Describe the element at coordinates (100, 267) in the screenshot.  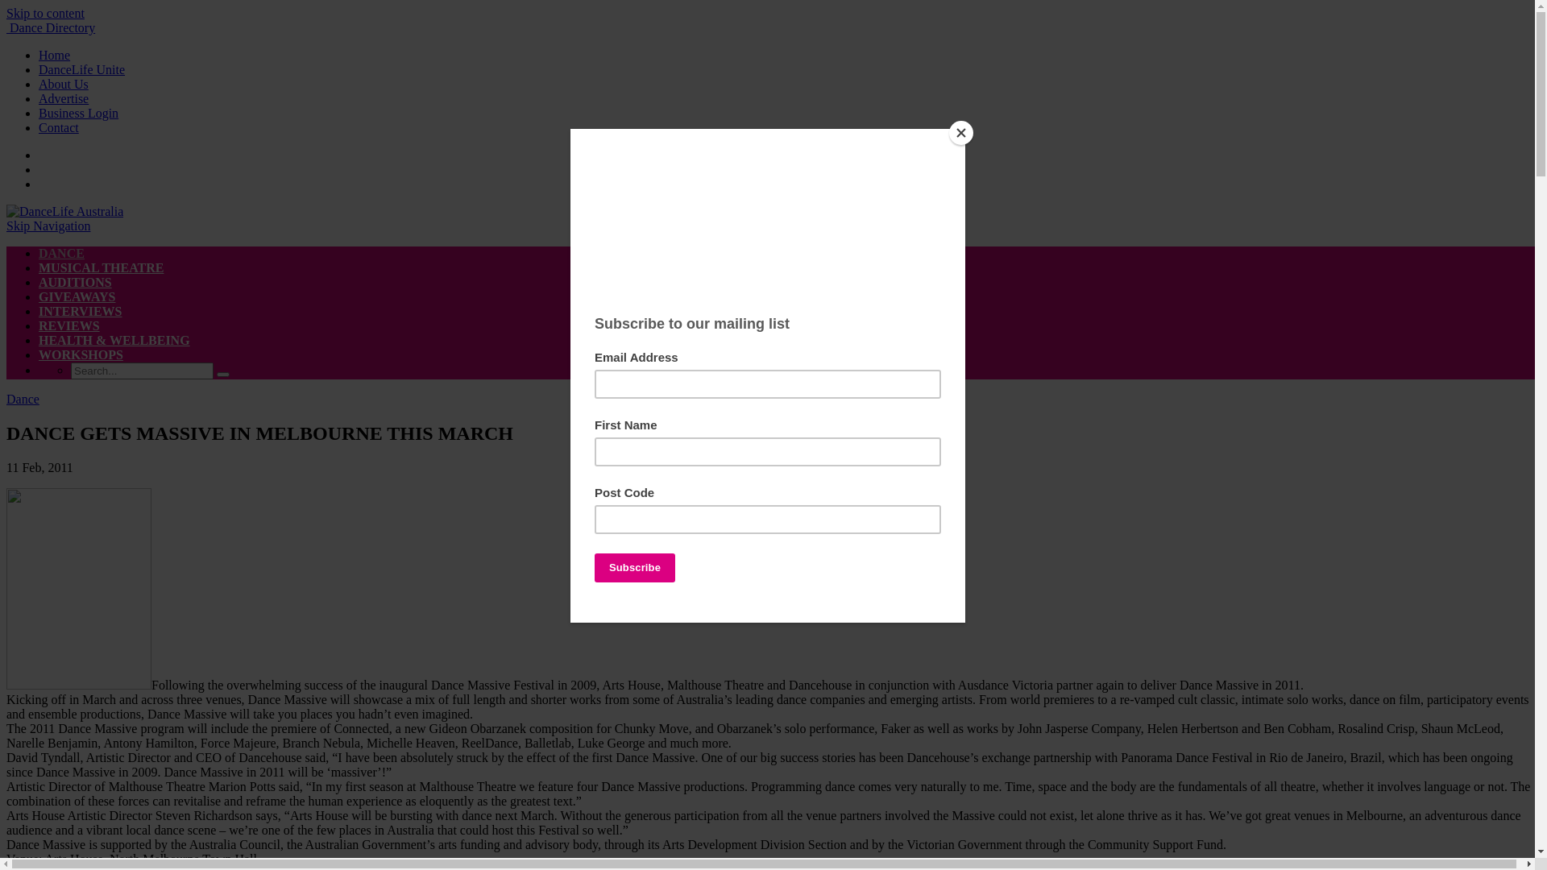
I see `'MUSICAL THEATRE'` at that location.